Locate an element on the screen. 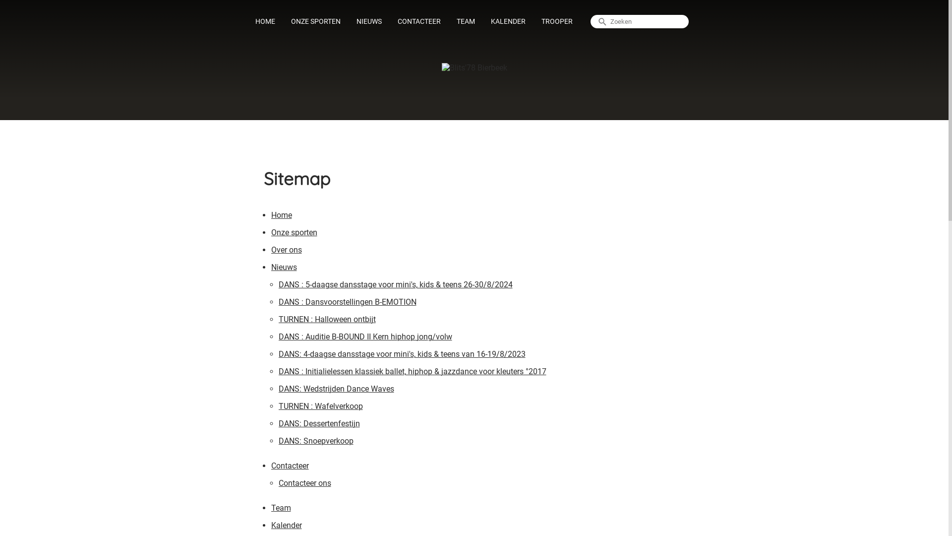 This screenshot has height=536, width=952. 'CONTACTEER' is located at coordinates (390, 21).